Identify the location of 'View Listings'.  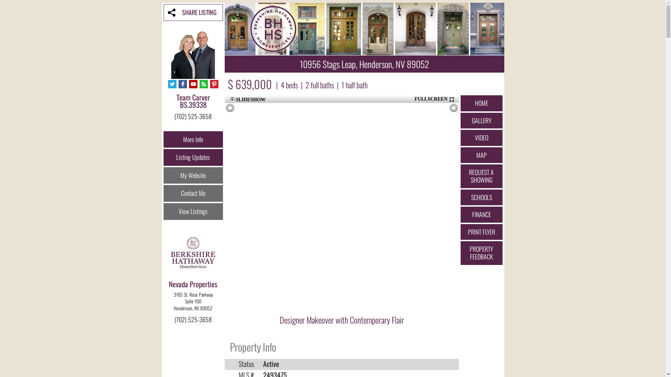
(193, 211).